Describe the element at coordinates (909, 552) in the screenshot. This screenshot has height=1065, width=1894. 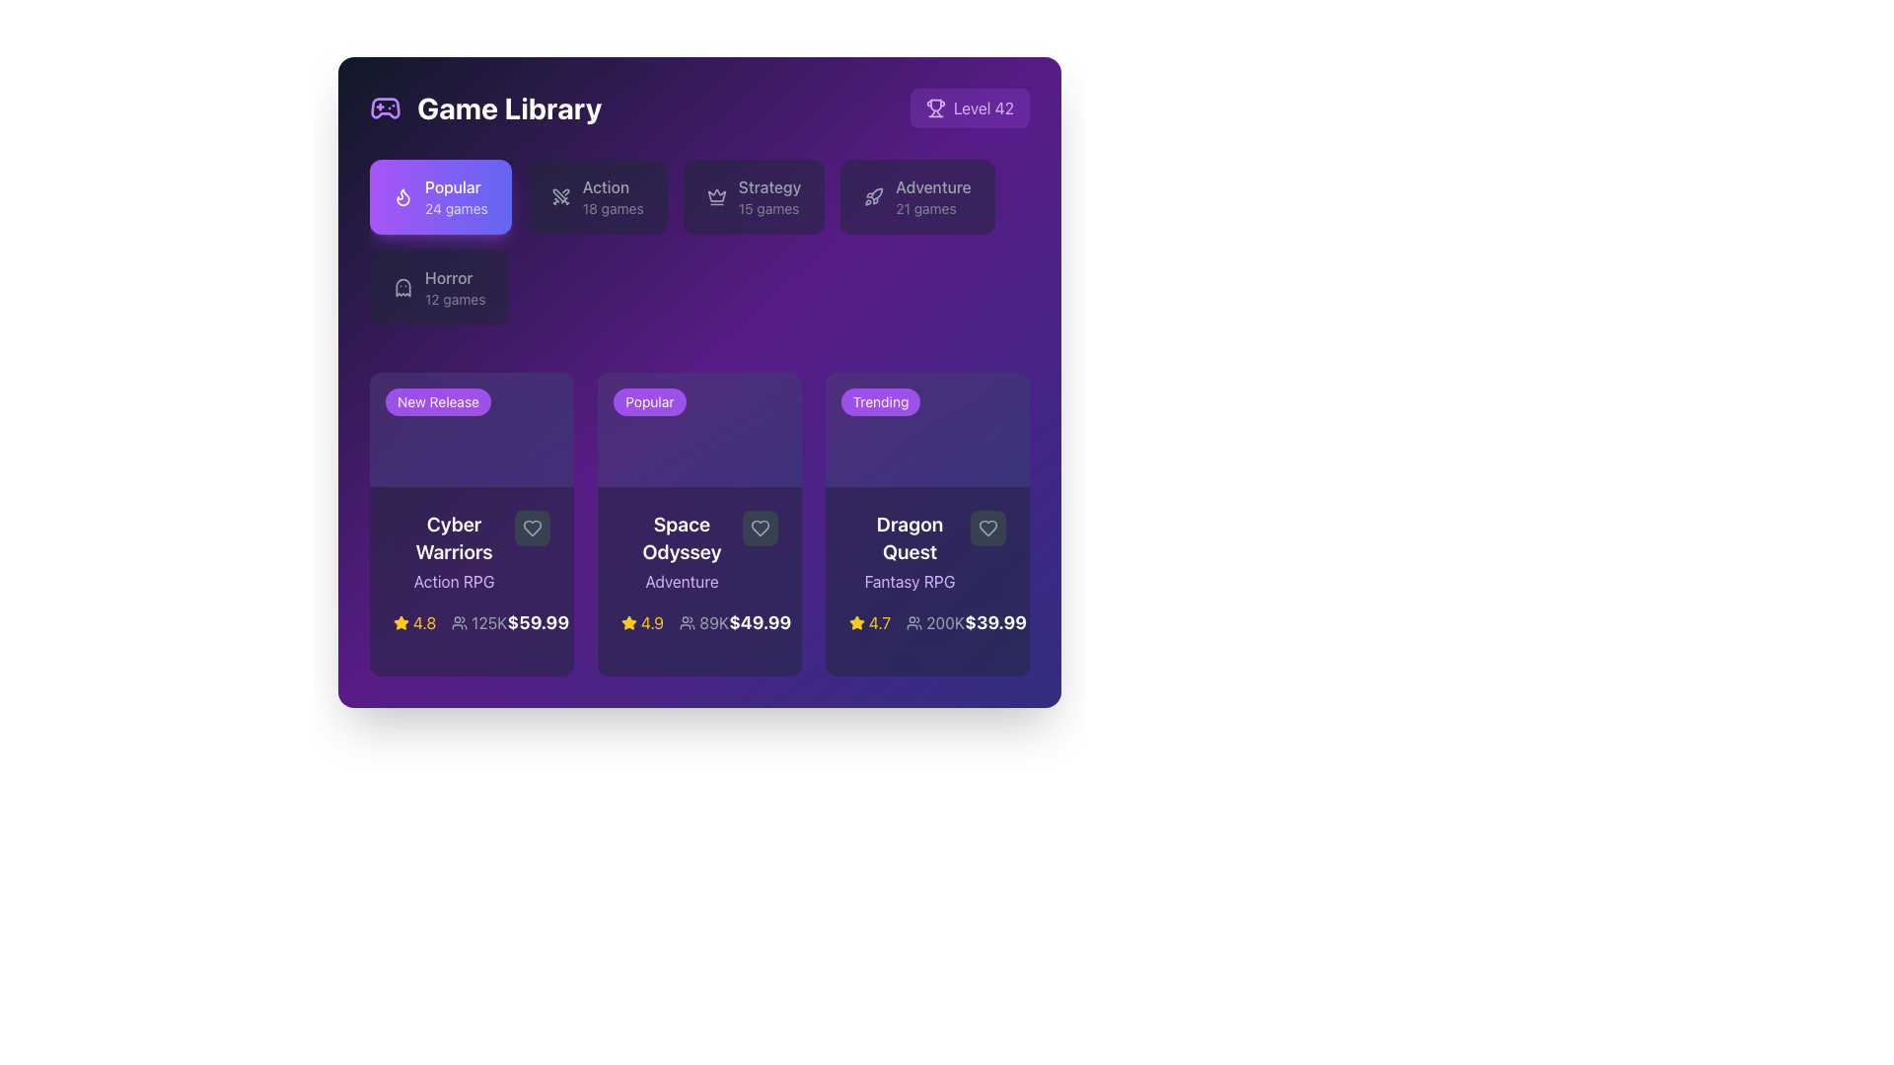
I see `the text display in the lower-right section of the 'Game Library' interface that shows the name and genre of a game, which is the third item from the left among three horizontally arranged items` at that location.